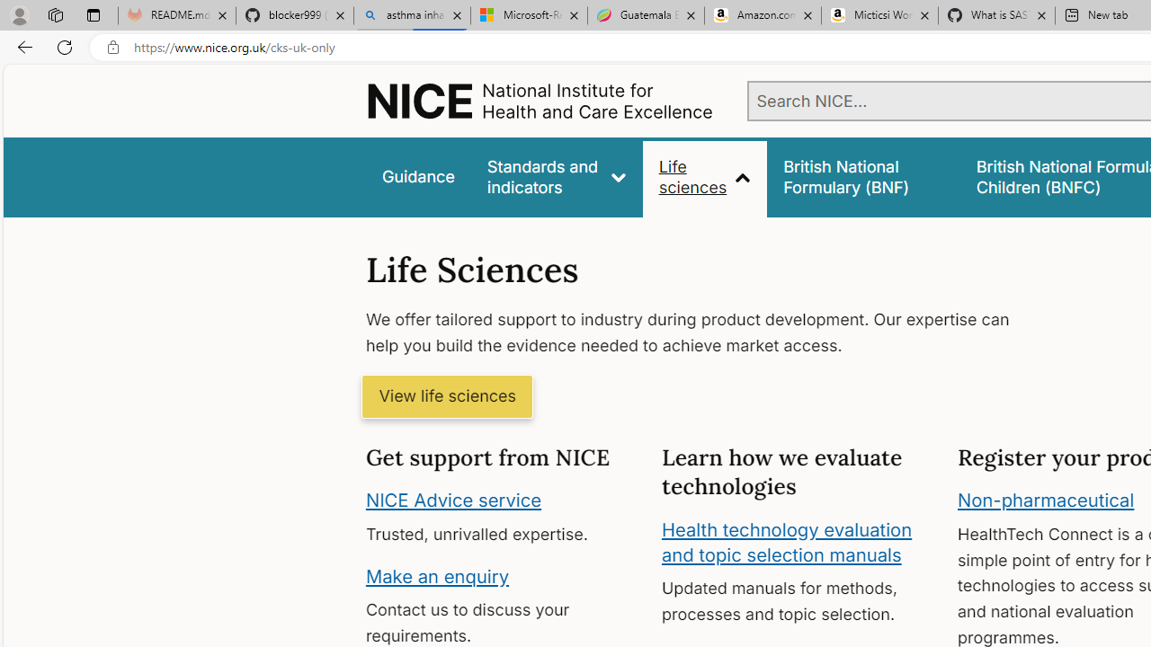  I want to click on 'Make an enquiry', so click(437, 575).